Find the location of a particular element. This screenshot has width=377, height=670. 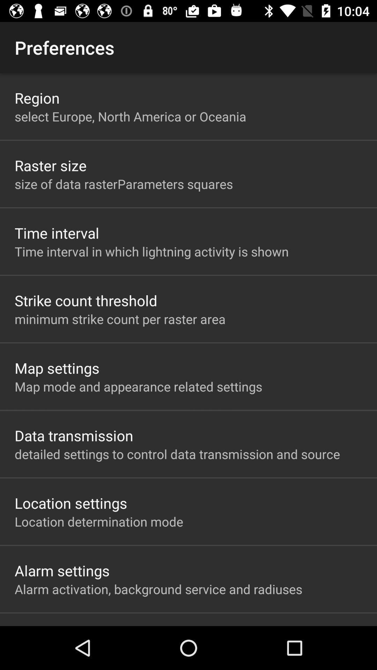

the icon below preferences icon is located at coordinates (37, 97).